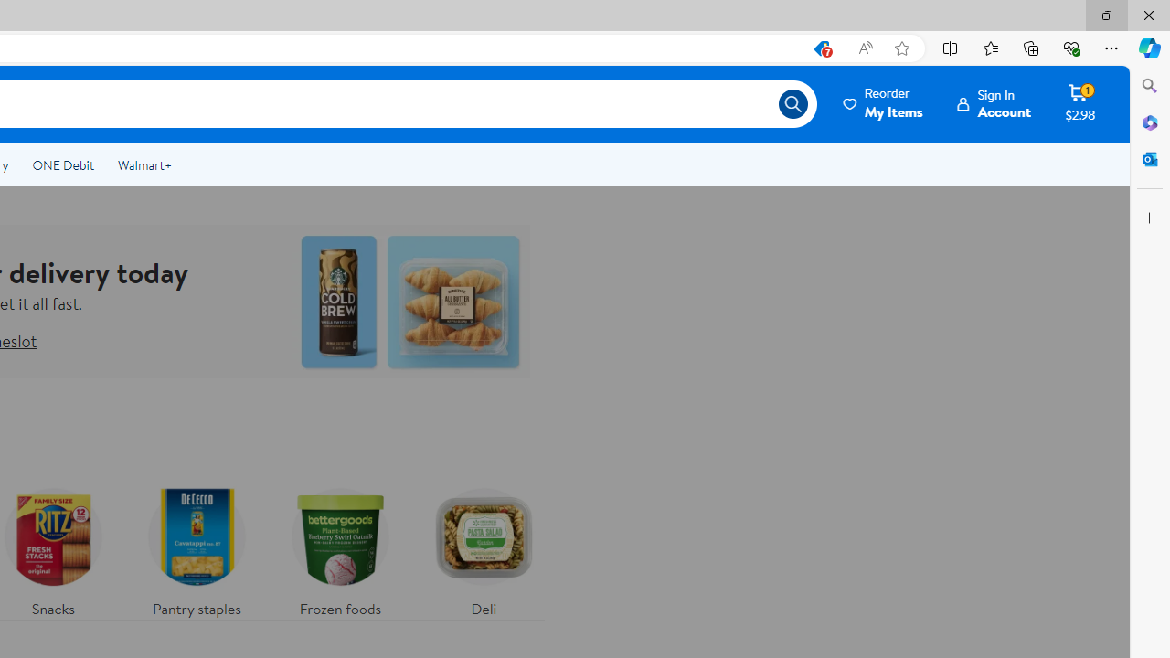  Describe the element at coordinates (884, 103) in the screenshot. I see `'Reorder My Items'` at that location.